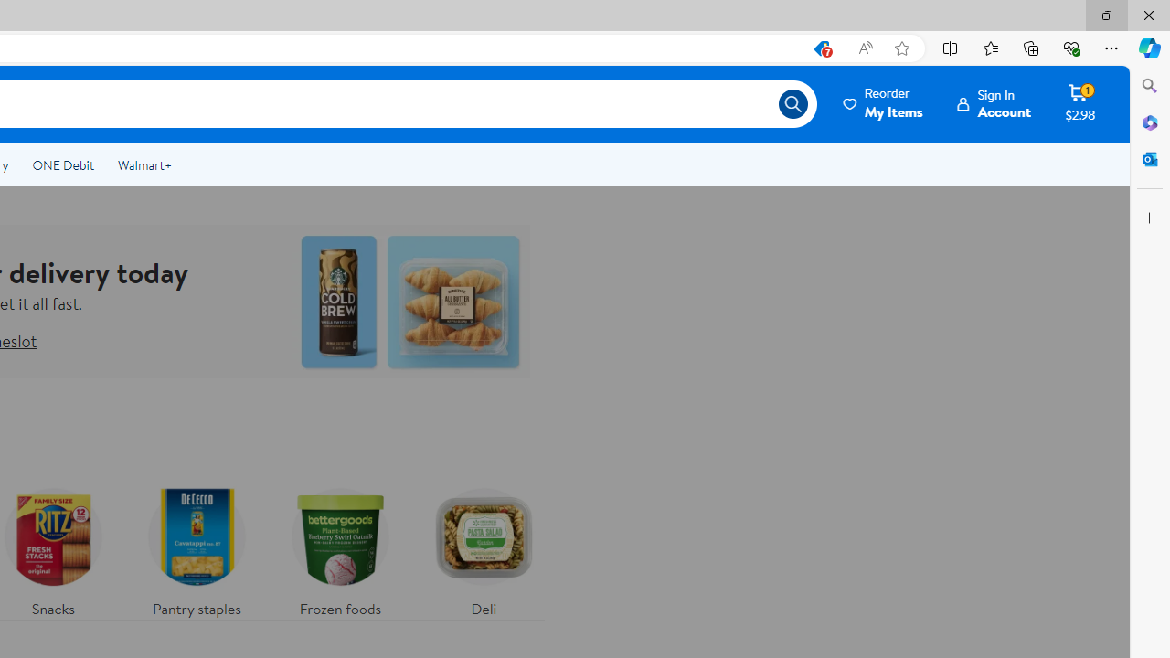  Describe the element at coordinates (884, 103) in the screenshot. I see `'Reorder My Items'` at that location.